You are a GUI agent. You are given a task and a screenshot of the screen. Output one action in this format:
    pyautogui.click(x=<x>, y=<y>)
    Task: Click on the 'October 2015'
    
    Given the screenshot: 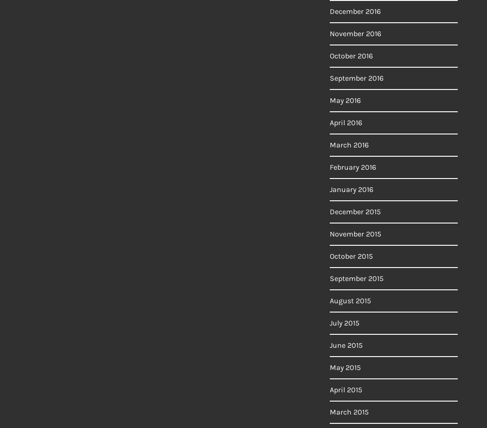 What is the action you would take?
    pyautogui.click(x=351, y=256)
    